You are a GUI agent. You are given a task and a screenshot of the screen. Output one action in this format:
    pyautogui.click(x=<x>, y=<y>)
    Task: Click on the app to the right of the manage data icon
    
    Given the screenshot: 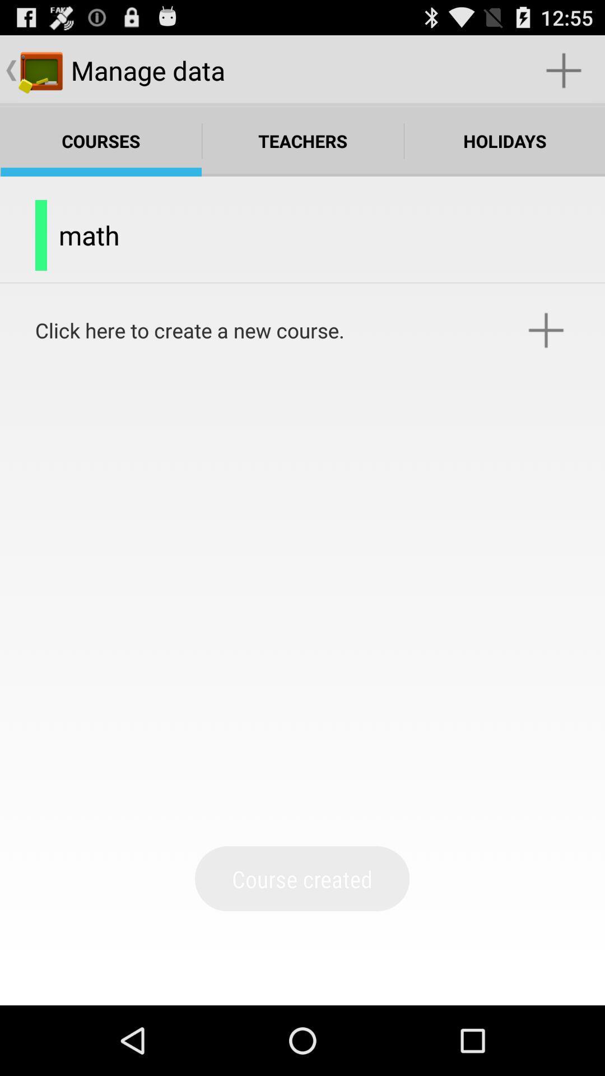 What is the action you would take?
    pyautogui.click(x=564, y=69)
    